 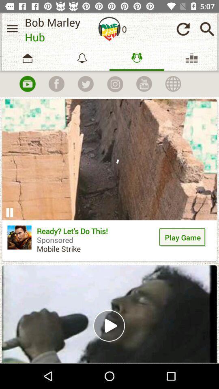 What do you see at coordinates (173, 84) in the screenshot?
I see `the globe icon` at bounding box center [173, 84].